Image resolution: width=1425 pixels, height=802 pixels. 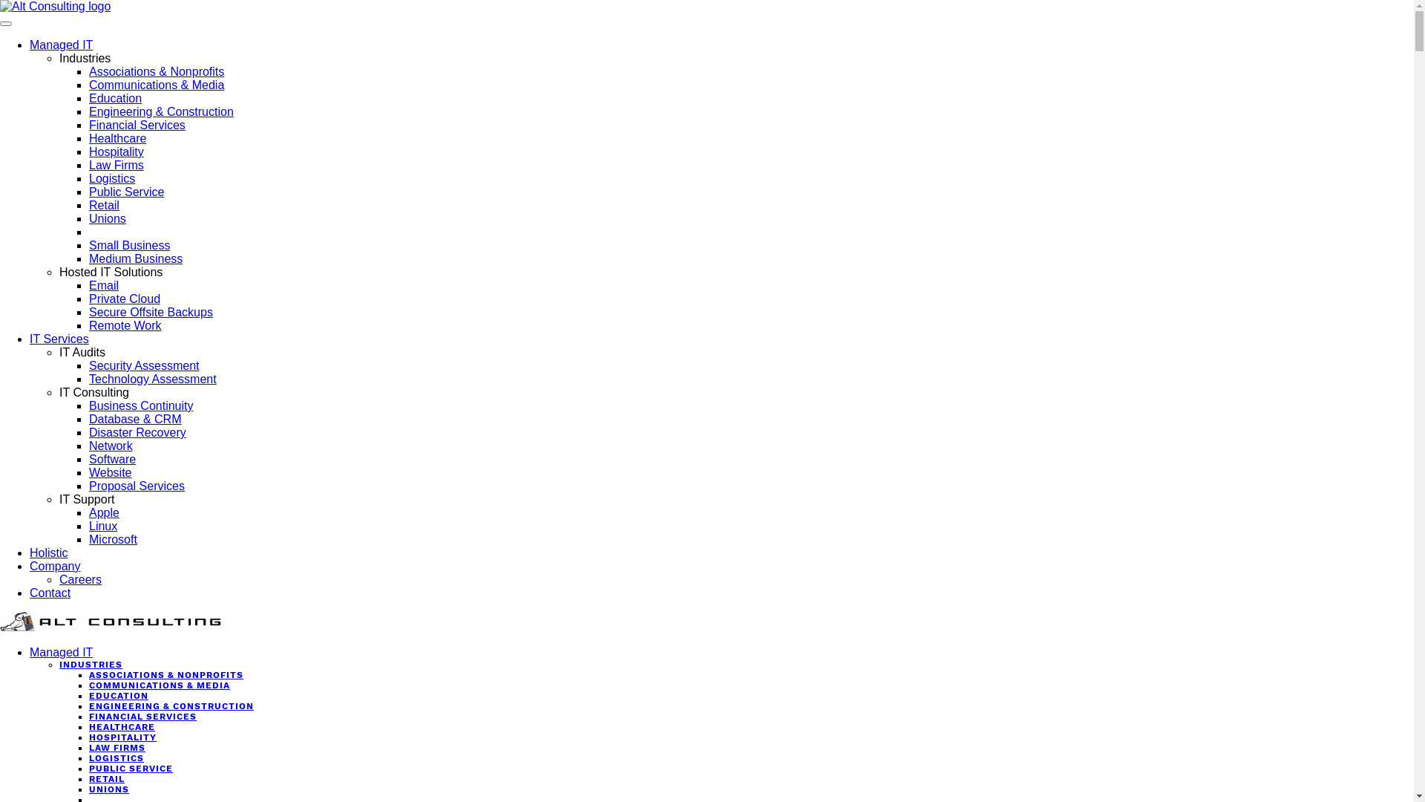 I want to click on 'Financial Services', so click(x=137, y=124).